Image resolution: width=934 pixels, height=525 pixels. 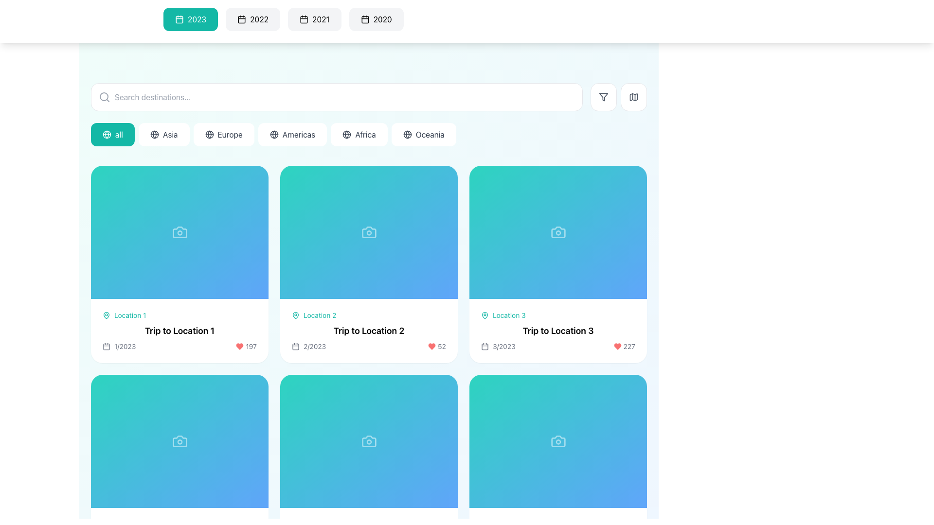 I want to click on the label displaying the month and year for 'Trip to Location 2', which is located in the lower section of the card and positioned to the left of the numeric statistic (52) and a heart icon, so click(x=308, y=346).